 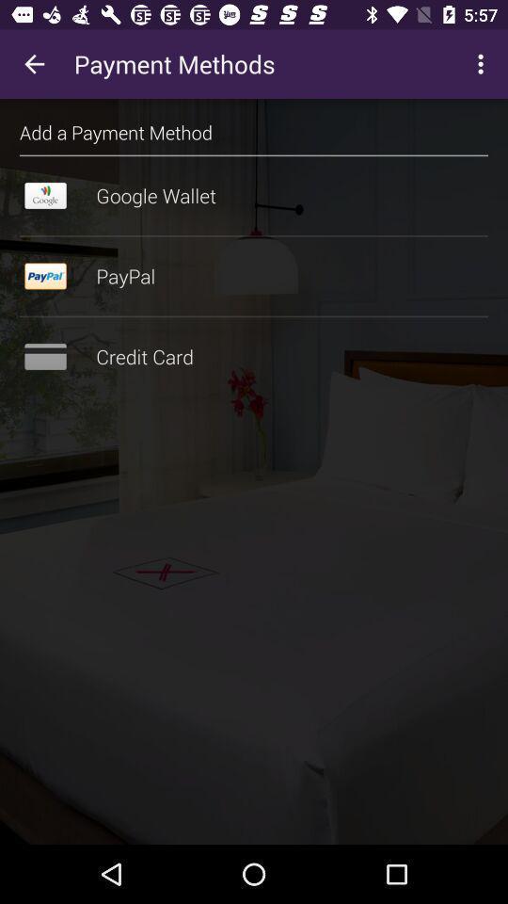 What do you see at coordinates (254, 356) in the screenshot?
I see `credit card item` at bounding box center [254, 356].